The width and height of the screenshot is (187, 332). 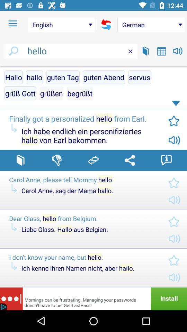 I want to click on dictionary option, so click(x=20, y=160).